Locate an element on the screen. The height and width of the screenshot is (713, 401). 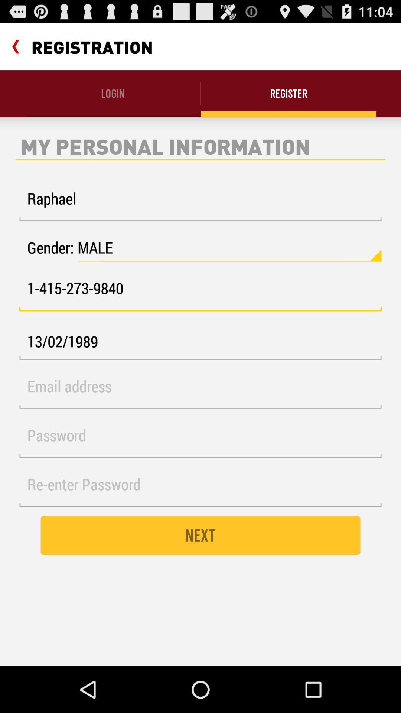
the 13/02/1989 item is located at coordinates (200, 341).